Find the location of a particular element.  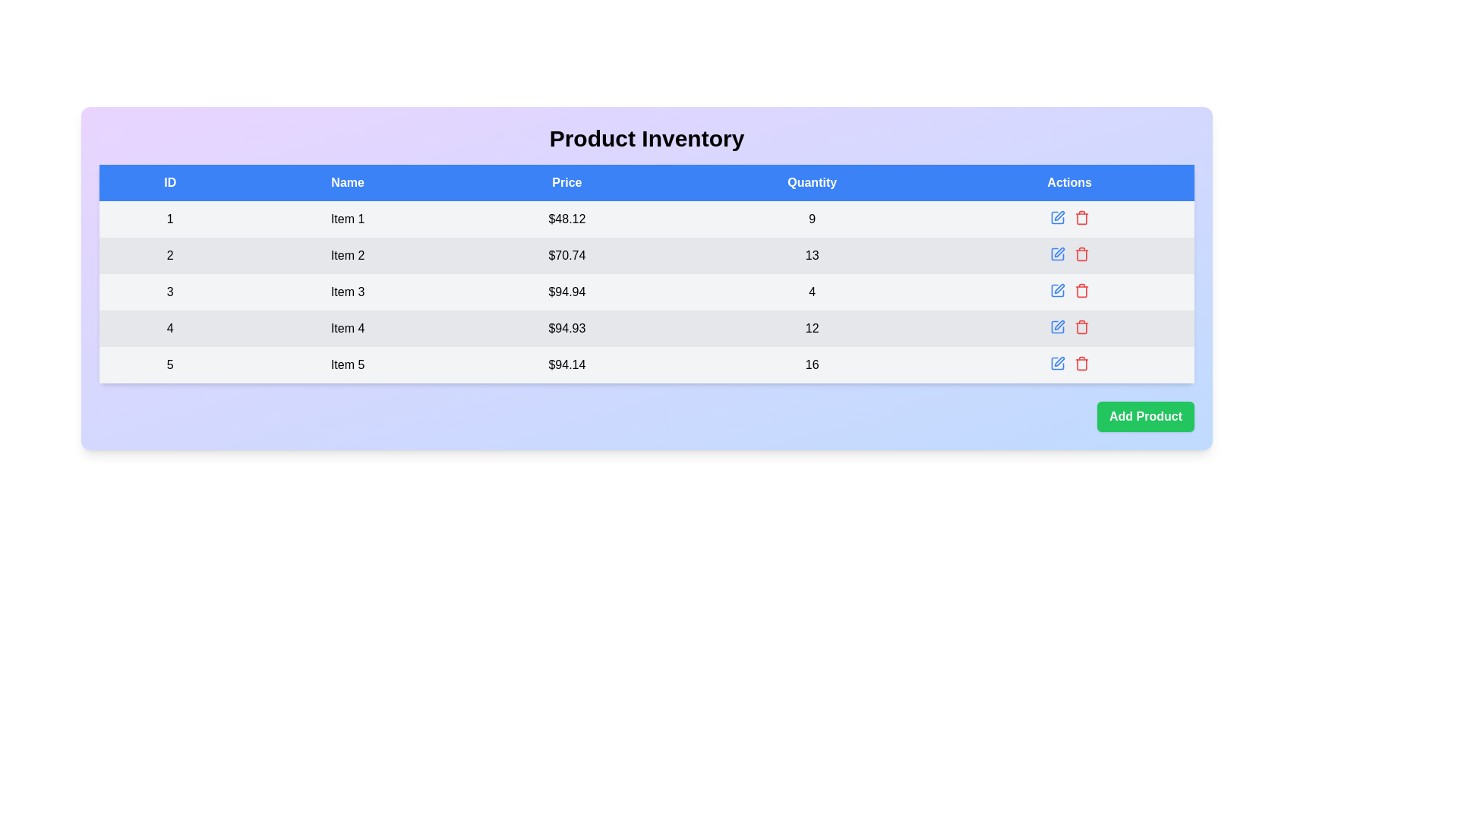

the quantity label of the fourth item in the table is located at coordinates (811, 327).